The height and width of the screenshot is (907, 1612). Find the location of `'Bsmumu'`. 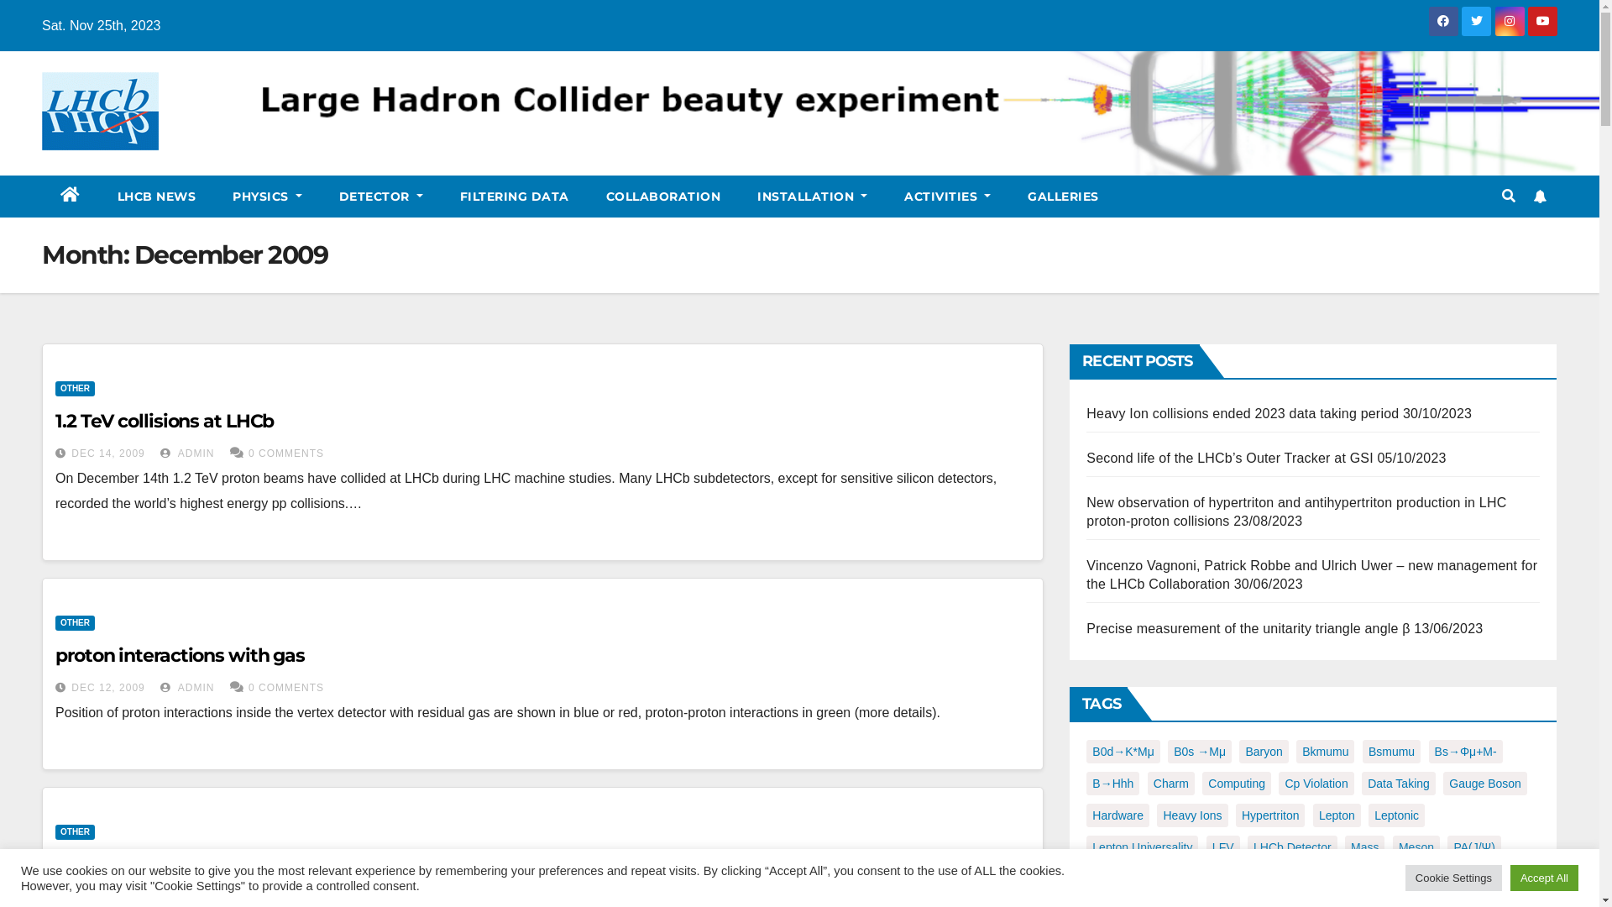

'Bsmumu' is located at coordinates (1362, 750).